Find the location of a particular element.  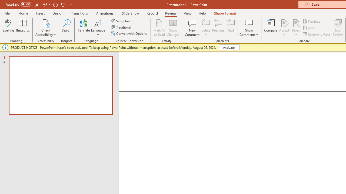

'Convert with Options...' is located at coordinates (129, 33).